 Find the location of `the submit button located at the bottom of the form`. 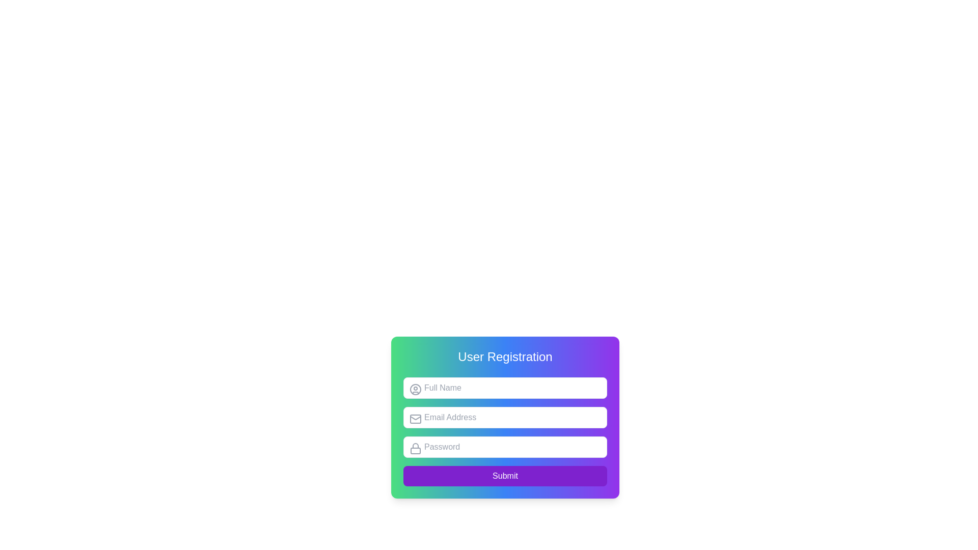

the submit button located at the bottom of the form is located at coordinates (505, 476).